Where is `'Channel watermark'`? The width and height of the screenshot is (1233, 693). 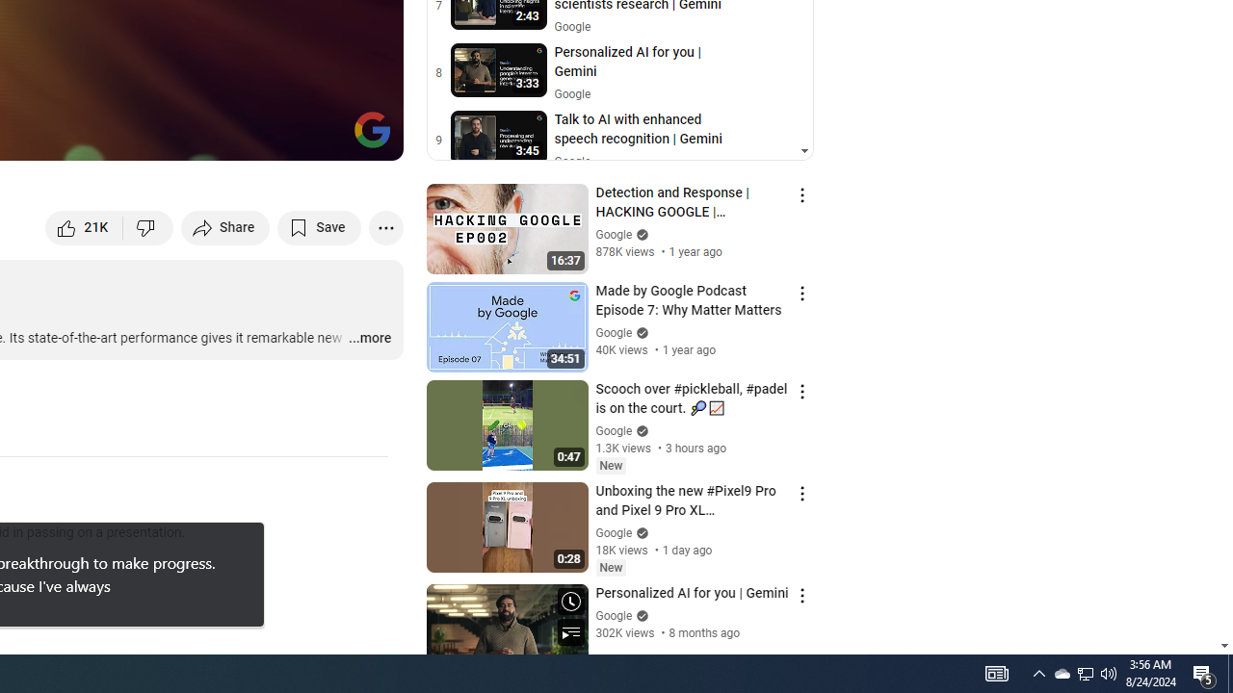
'Channel watermark' is located at coordinates (372, 130).